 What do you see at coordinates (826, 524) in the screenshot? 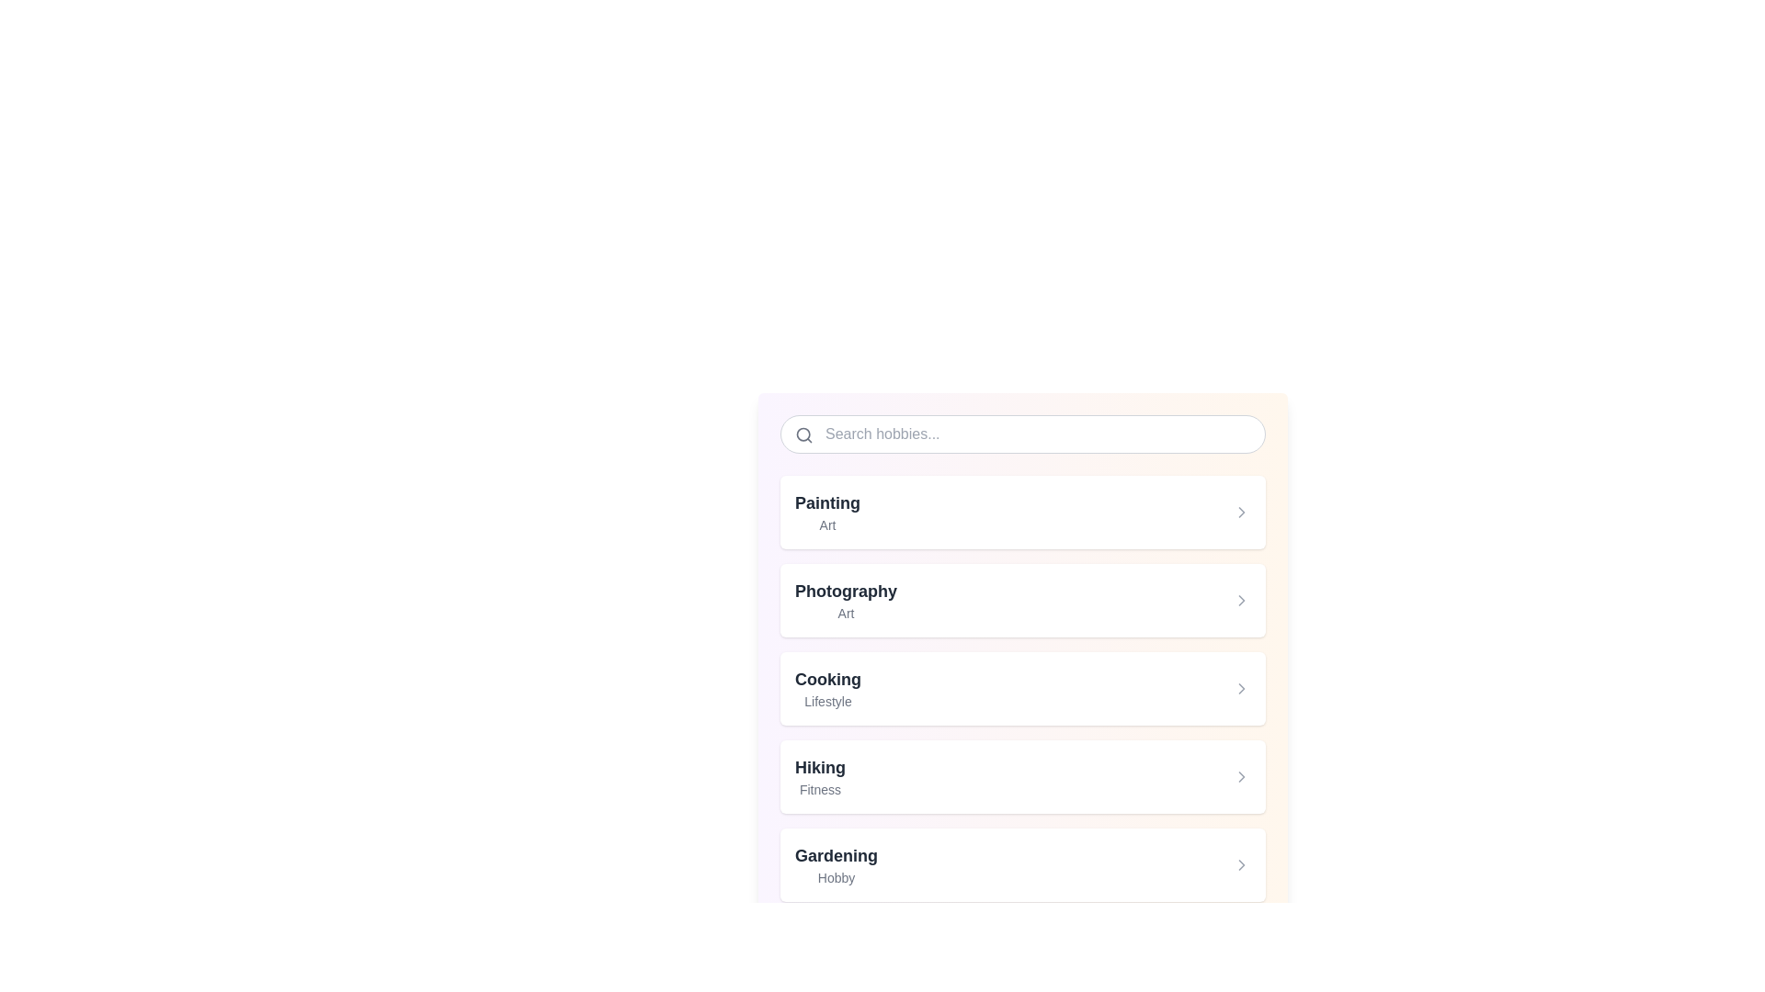
I see `the descriptive label that categorizes the title 'Painting', positioned as the second line of text within the list item` at bounding box center [826, 524].